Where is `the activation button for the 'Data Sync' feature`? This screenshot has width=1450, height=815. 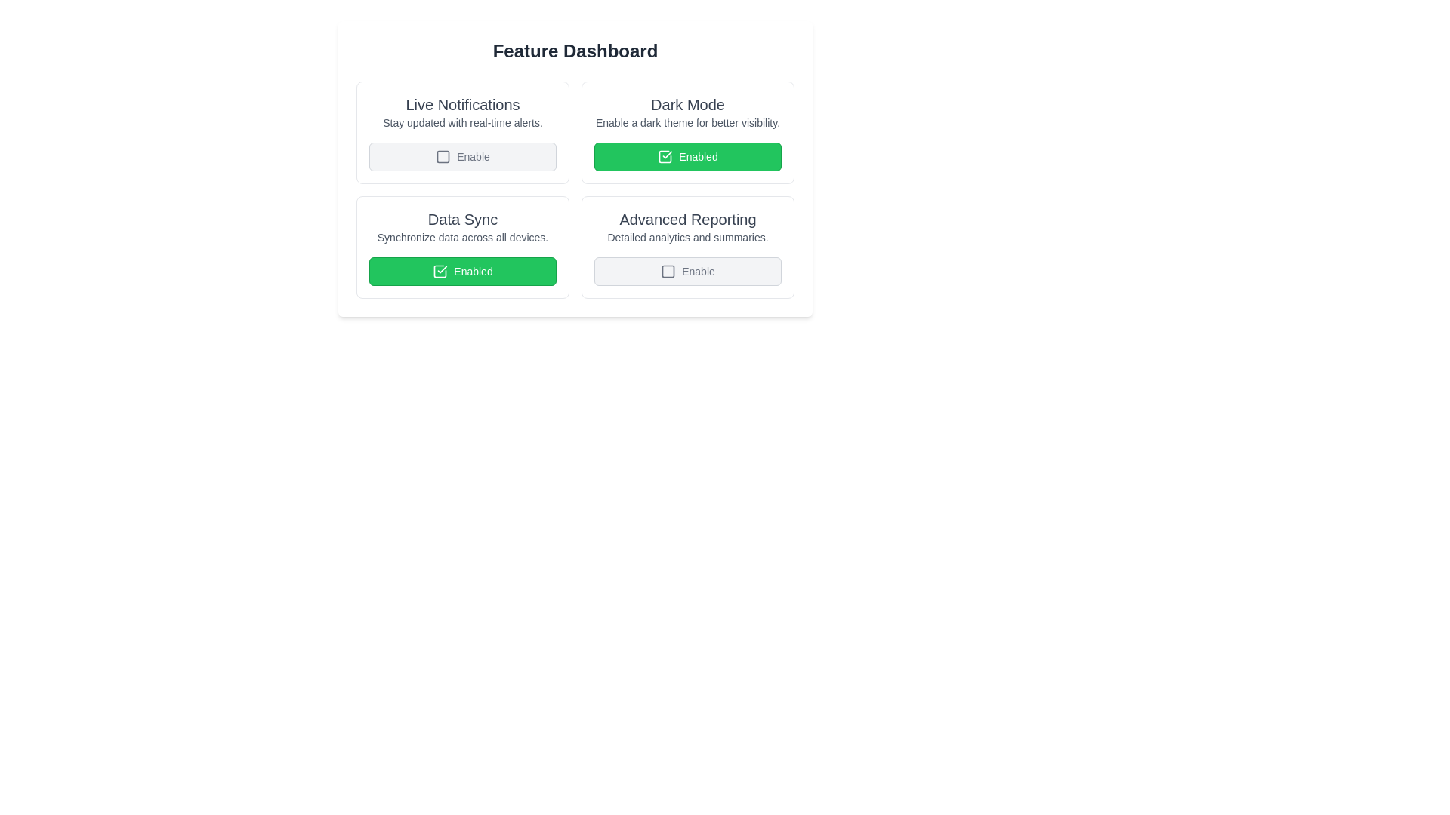 the activation button for the 'Data Sync' feature is located at coordinates (462, 270).